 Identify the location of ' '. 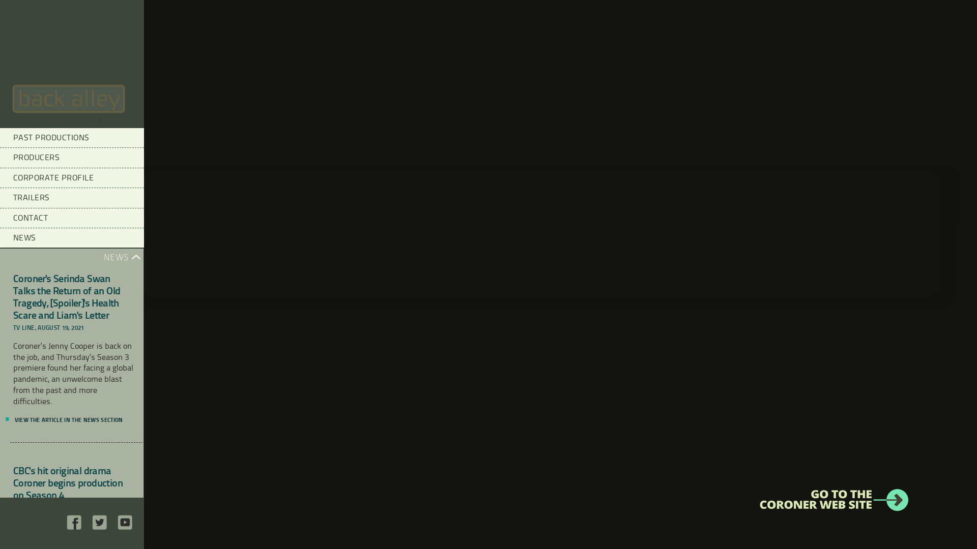
(100, 527).